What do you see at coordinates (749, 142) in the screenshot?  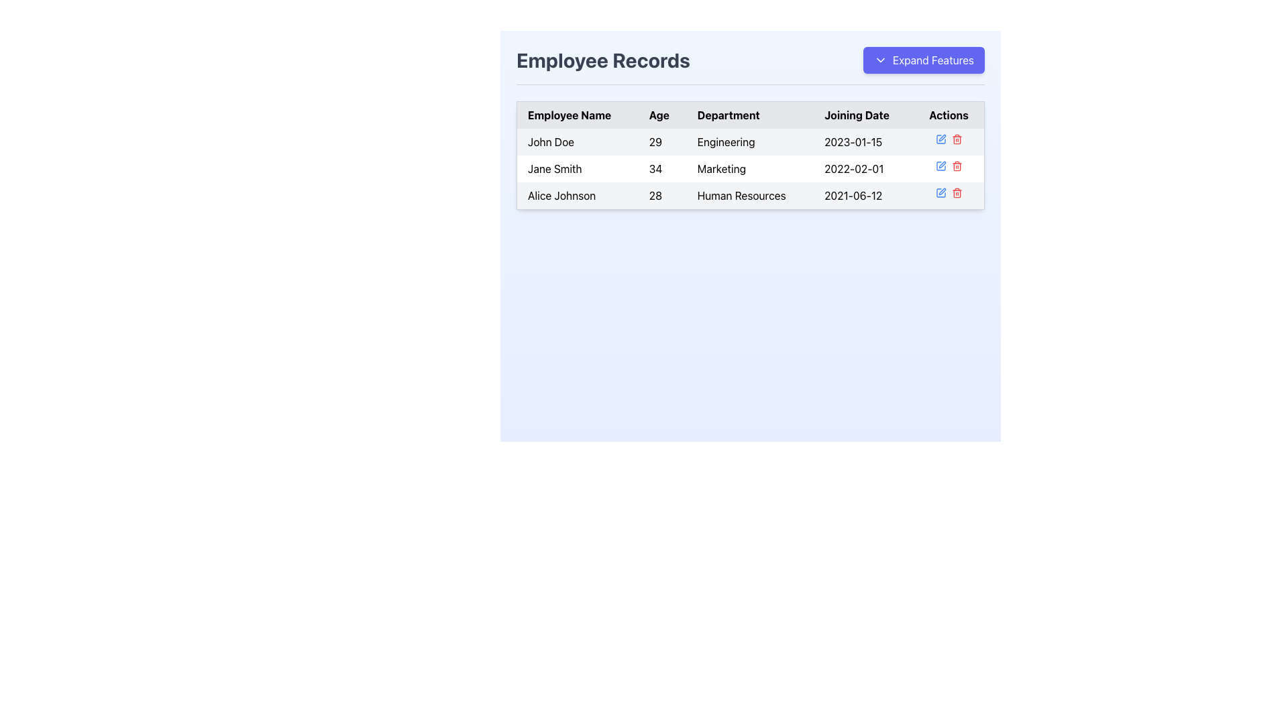 I see `the text element displaying 'Engineering' in the Department column of the employee records table for John Doe` at bounding box center [749, 142].